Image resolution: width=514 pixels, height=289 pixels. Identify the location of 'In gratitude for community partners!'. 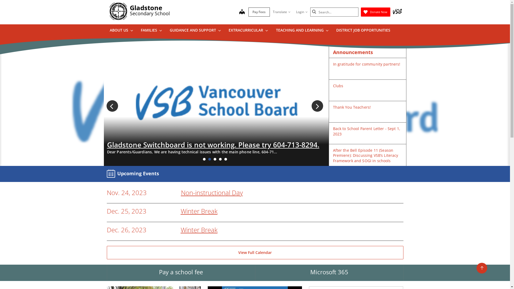
(366, 64).